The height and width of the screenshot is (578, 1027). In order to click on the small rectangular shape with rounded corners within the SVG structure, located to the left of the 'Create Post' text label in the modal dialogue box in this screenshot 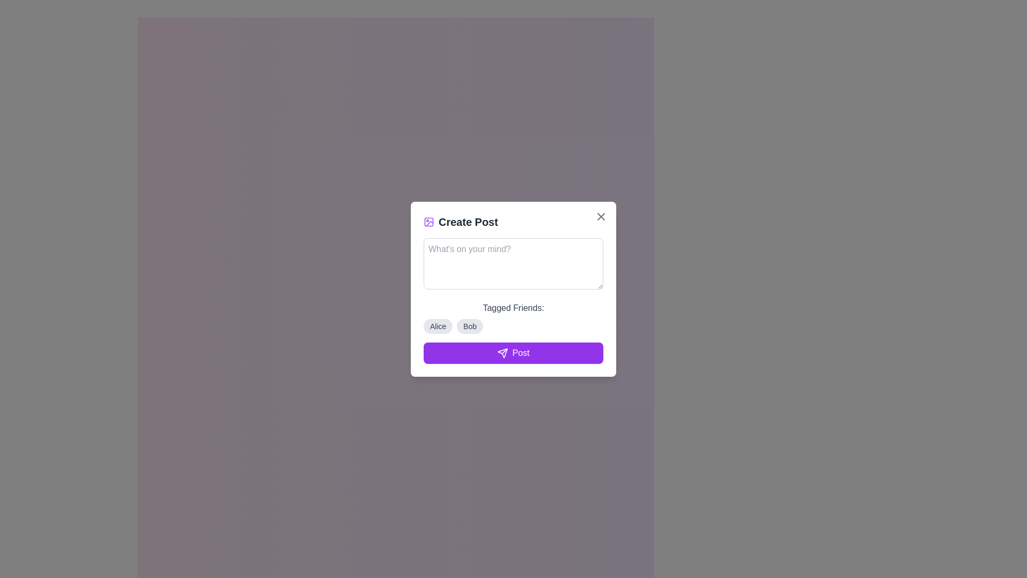, I will do `click(428, 220)`.